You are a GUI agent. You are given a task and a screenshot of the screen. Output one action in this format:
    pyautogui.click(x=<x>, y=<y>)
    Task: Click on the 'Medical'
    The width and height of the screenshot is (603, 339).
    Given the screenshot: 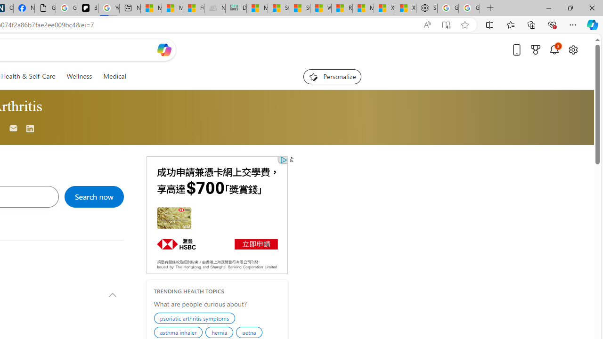 What is the action you would take?
    pyautogui.click(x=114, y=76)
    